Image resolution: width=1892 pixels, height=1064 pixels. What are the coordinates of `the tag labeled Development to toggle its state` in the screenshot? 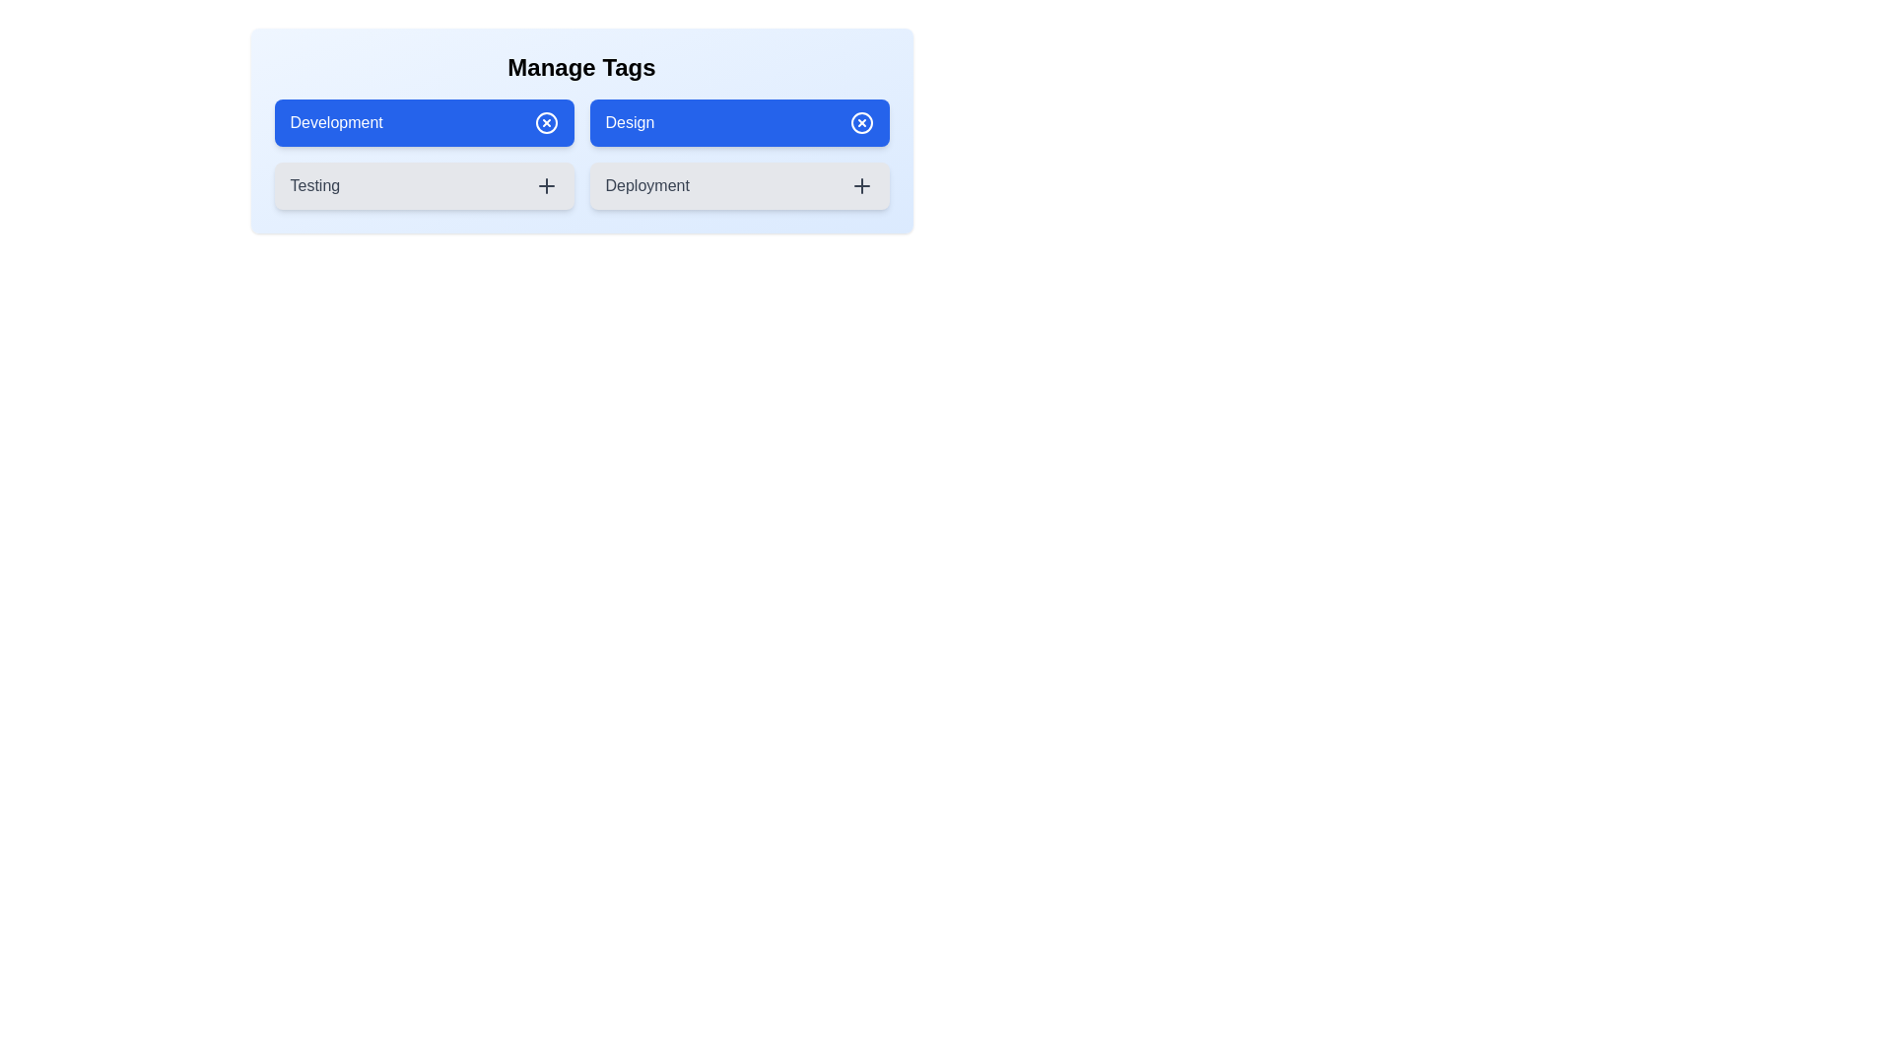 It's located at (423, 122).